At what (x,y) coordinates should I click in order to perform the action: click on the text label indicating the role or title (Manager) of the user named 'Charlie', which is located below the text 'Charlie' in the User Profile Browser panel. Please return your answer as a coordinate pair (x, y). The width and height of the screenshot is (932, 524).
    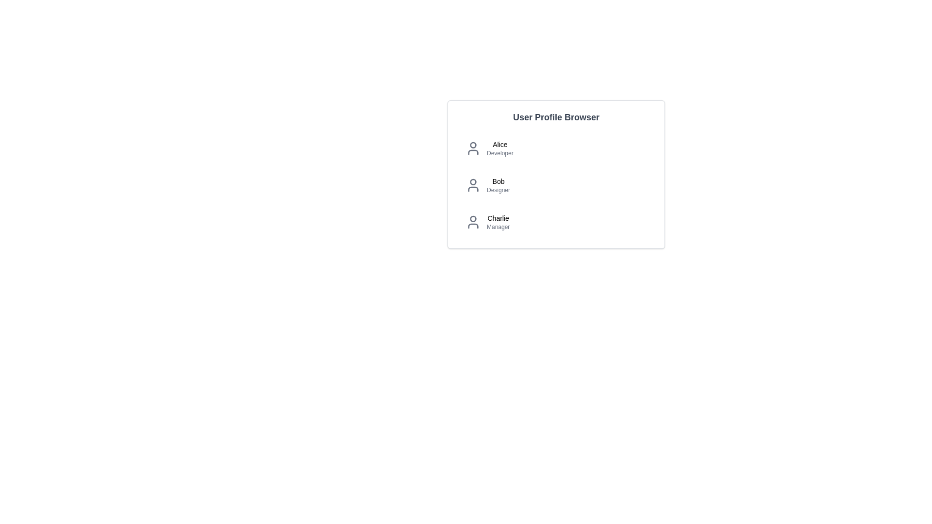
    Looking at the image, I should click on (498, 227).